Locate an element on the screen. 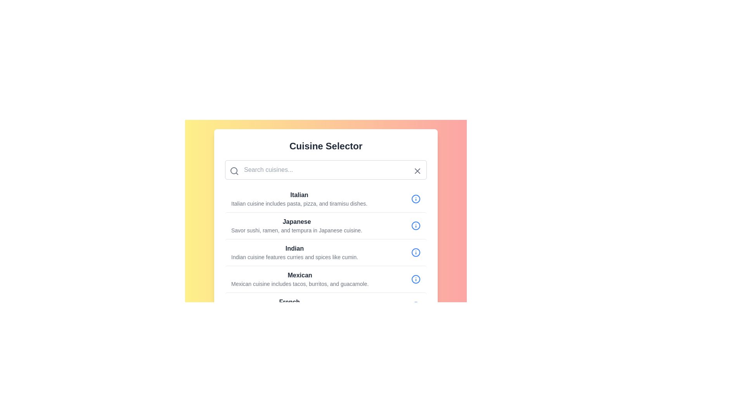 This screenshot has height=419, width=745. the circular SVG component with a blue outline and white fill, which represents an information icon, located to the right of the text 'Savor sushi, ramen, and tempura in Japanese cuisine' is located at coordinates (415, 226).